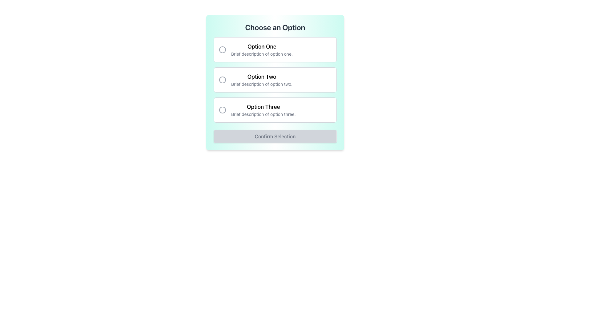 The height and width of the screenshot is (332, 591). What do you see at coordinates (275, 82) in the screenshot?
I see `to select one of the radio button options in the centered card titled 'Choose an Option'` at bounding box center [275, 82].